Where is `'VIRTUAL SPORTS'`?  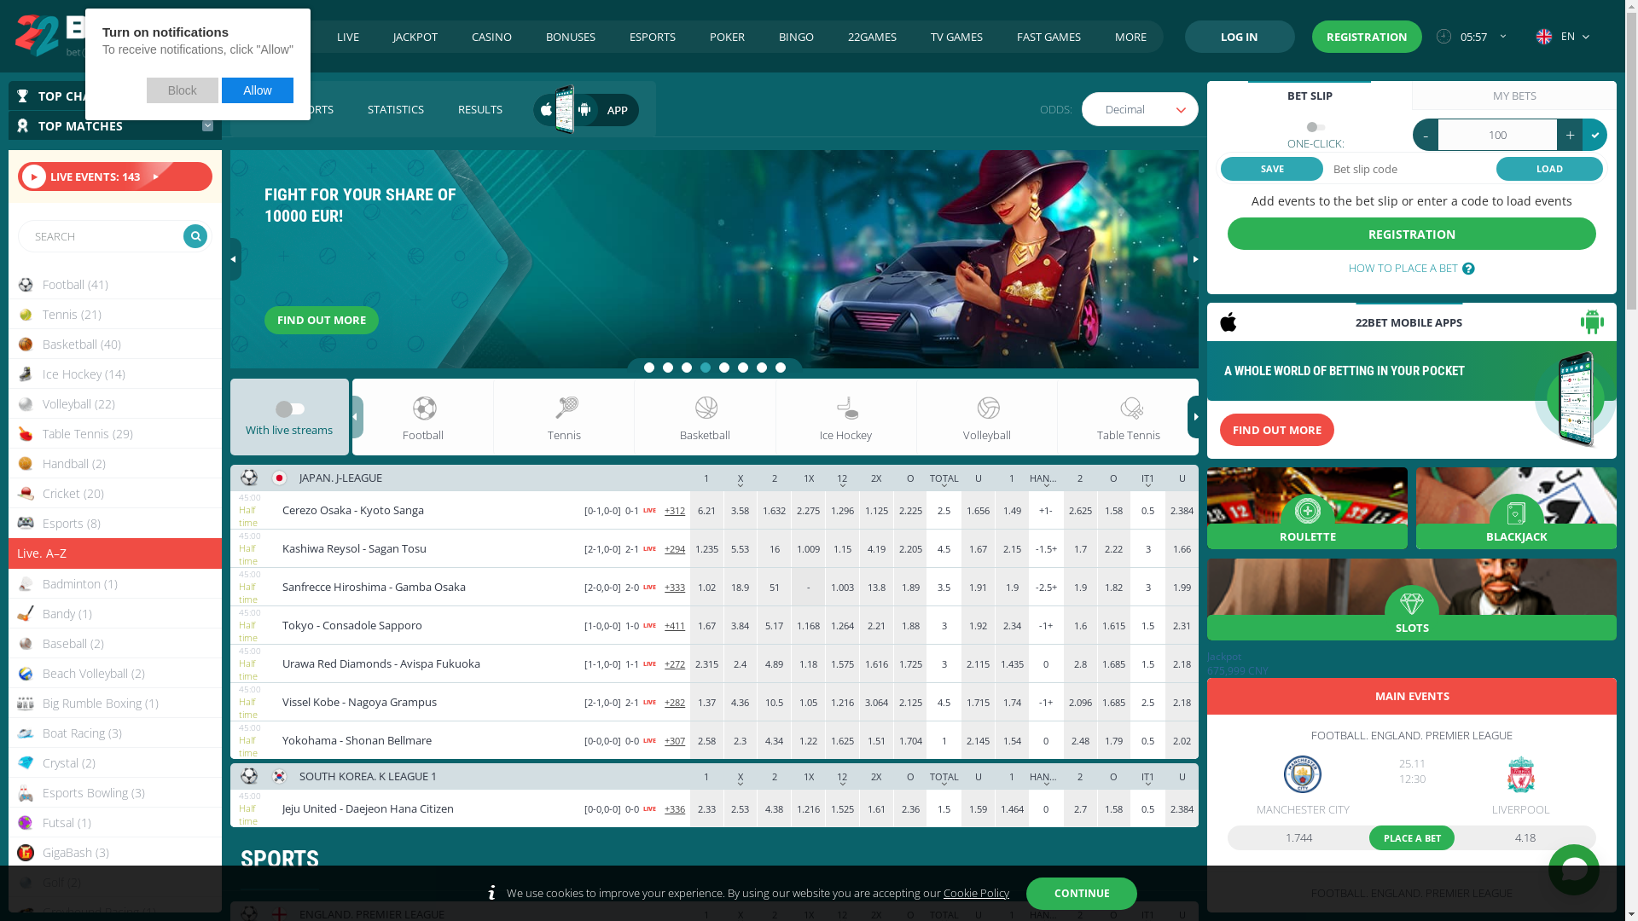 'VIRTUAL SPORTS' is located at coordinates (290, 108).